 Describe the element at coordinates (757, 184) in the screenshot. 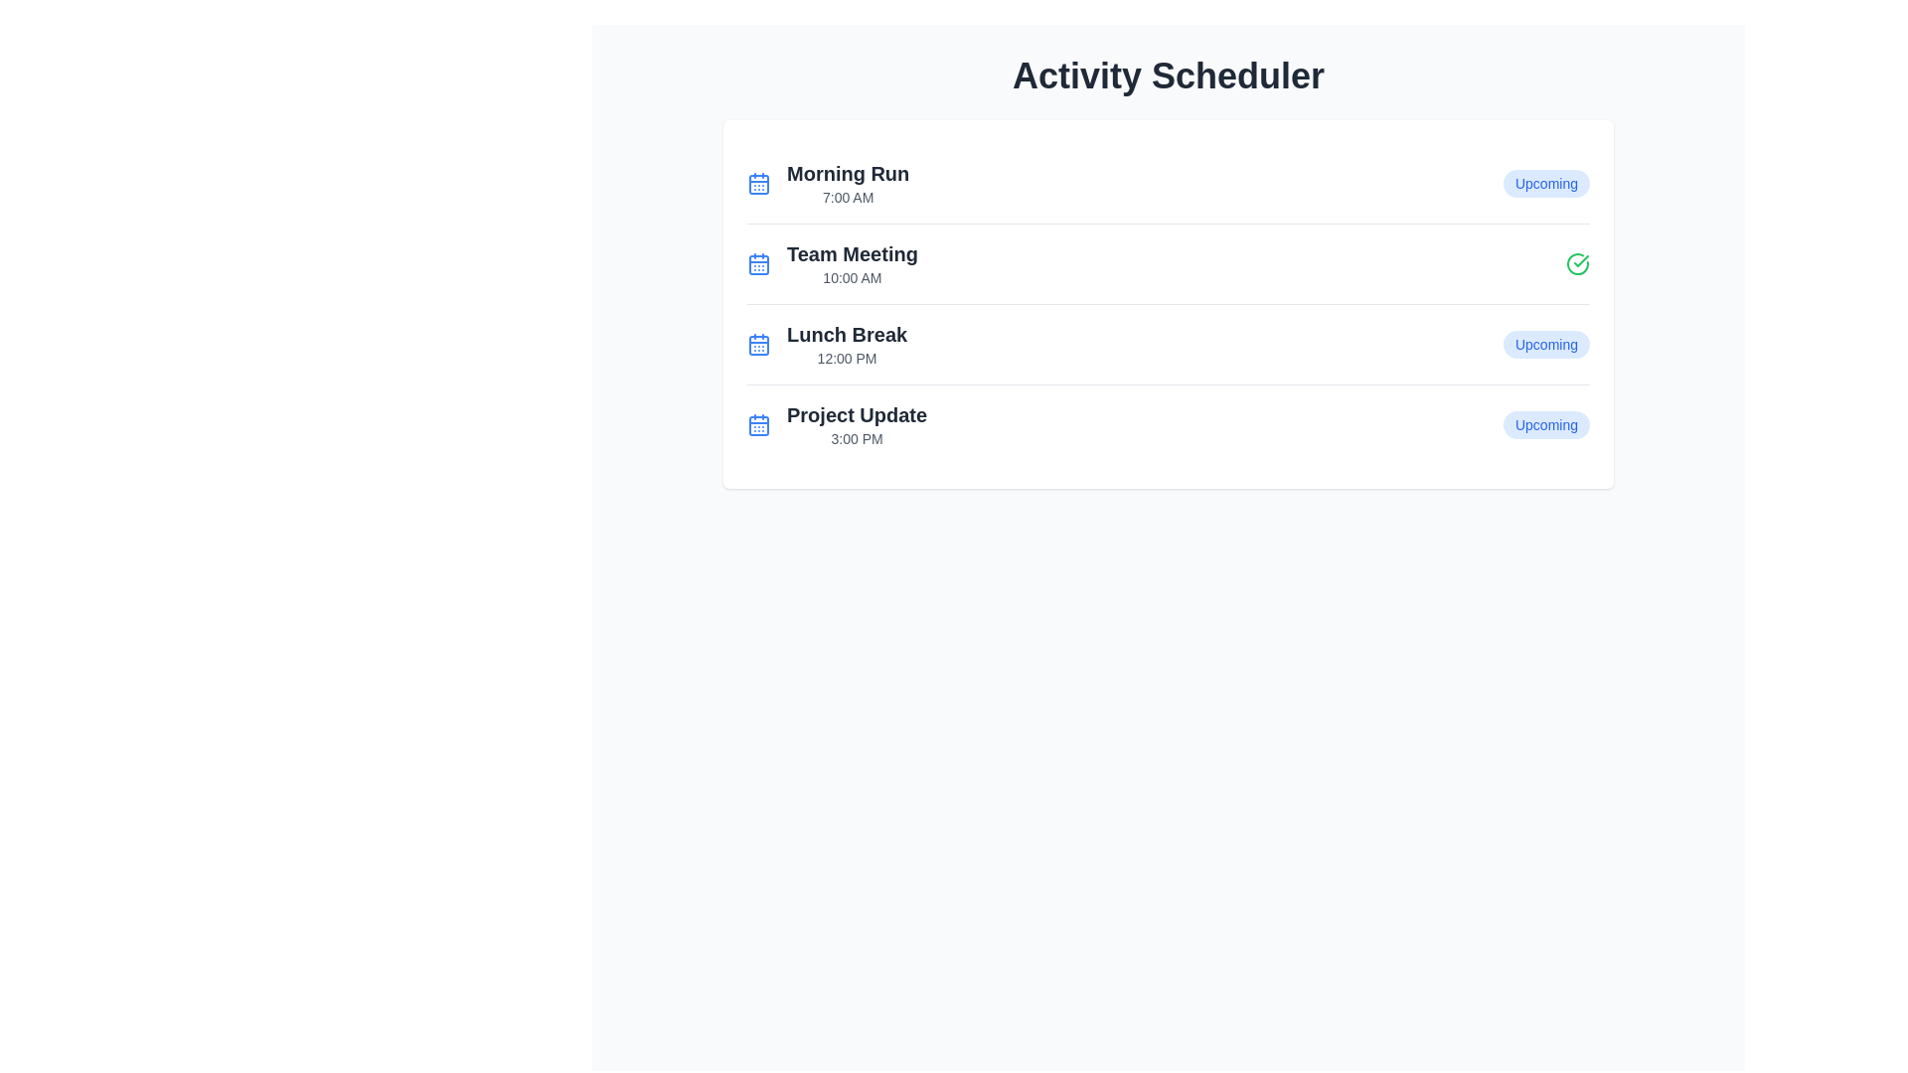

I see `the icon representing the 'Morning Run' event on the calendar` at that location.